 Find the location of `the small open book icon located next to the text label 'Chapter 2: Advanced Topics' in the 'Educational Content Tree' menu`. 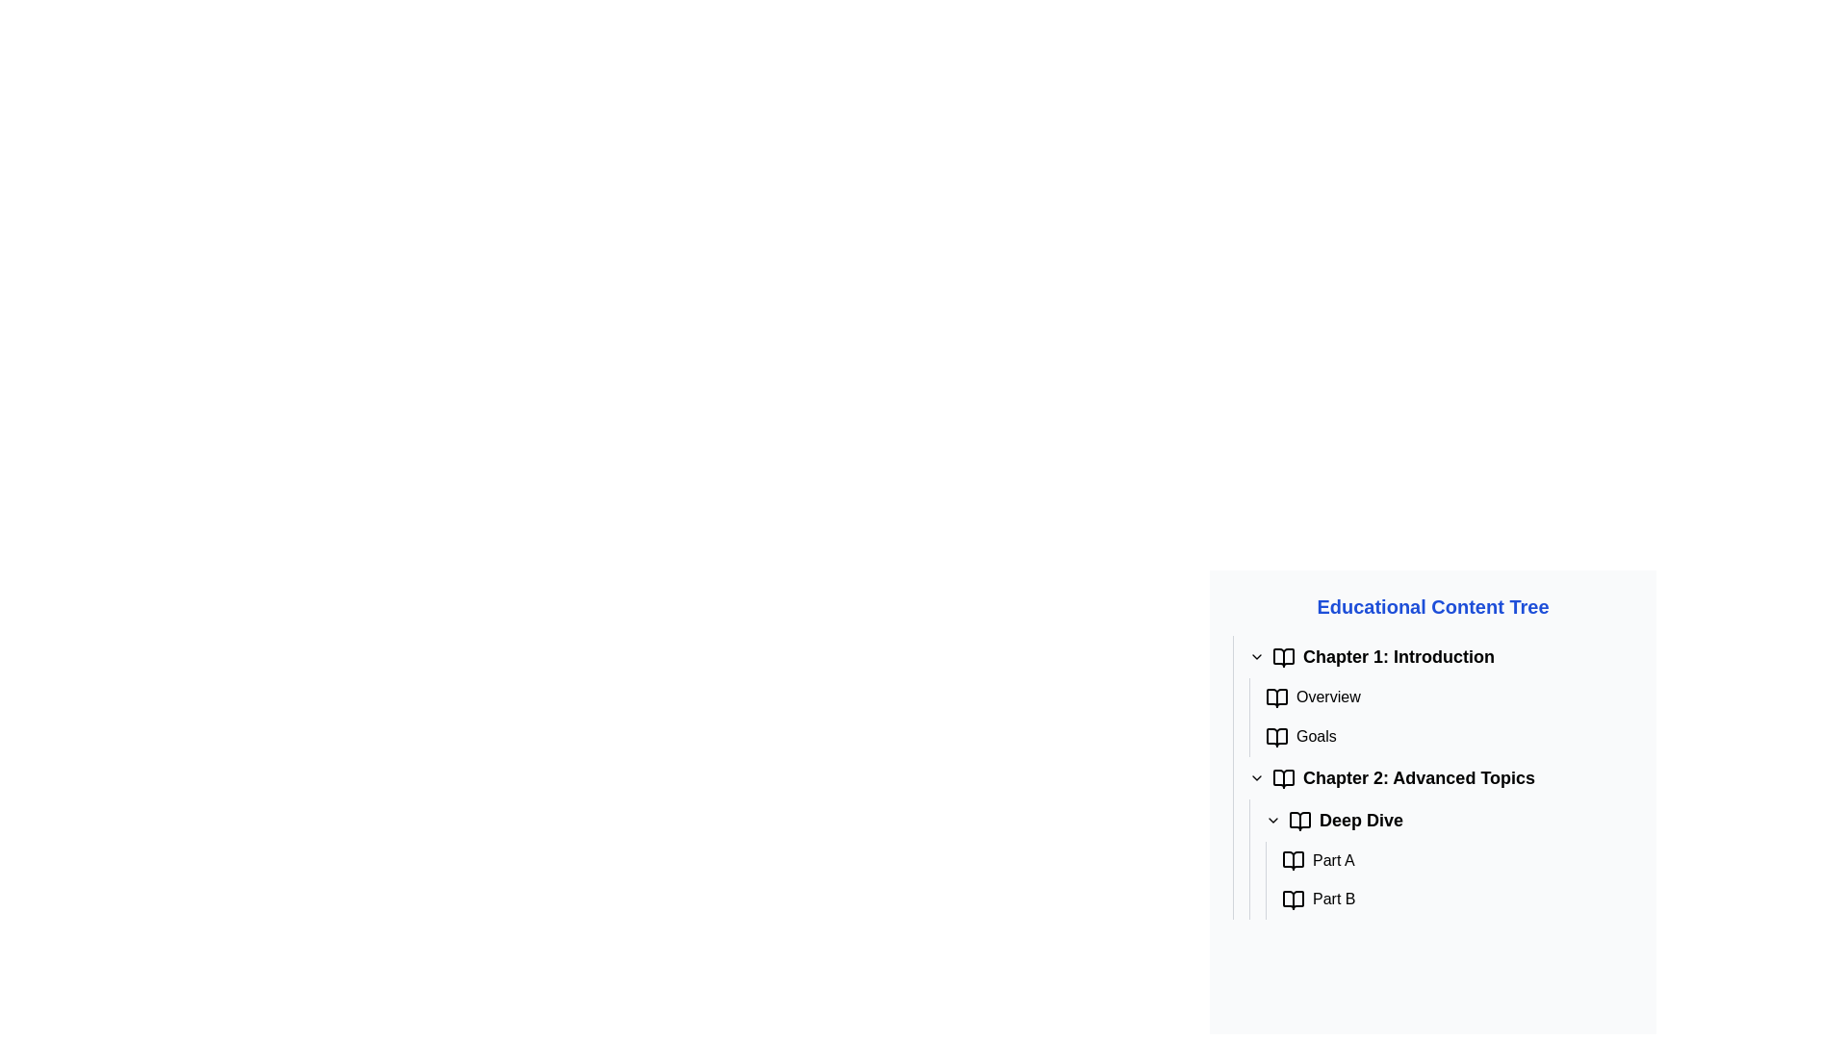

the small open book icon located next to the text label 'Chapter 2: Advanced Topics' in the 'Educational Content Tree' menu is located at coordinates (1284, 777).